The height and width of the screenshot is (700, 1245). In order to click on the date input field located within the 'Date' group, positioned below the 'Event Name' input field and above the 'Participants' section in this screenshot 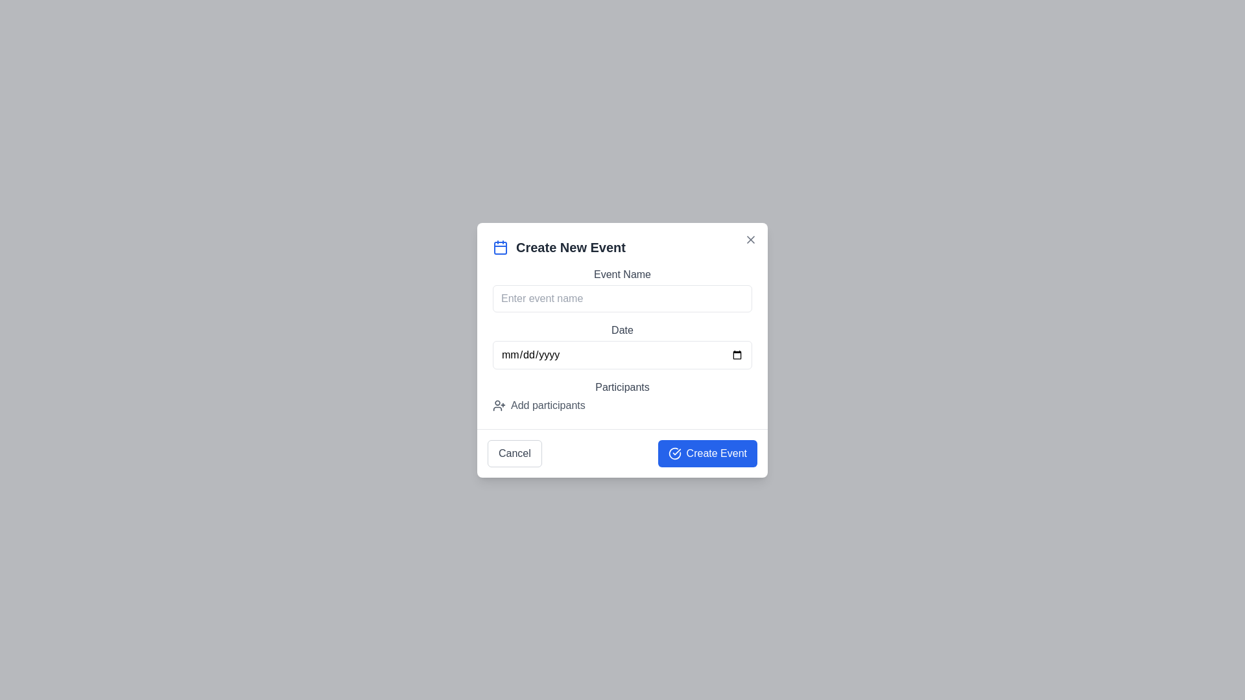, I will do `click(622, 355)`.